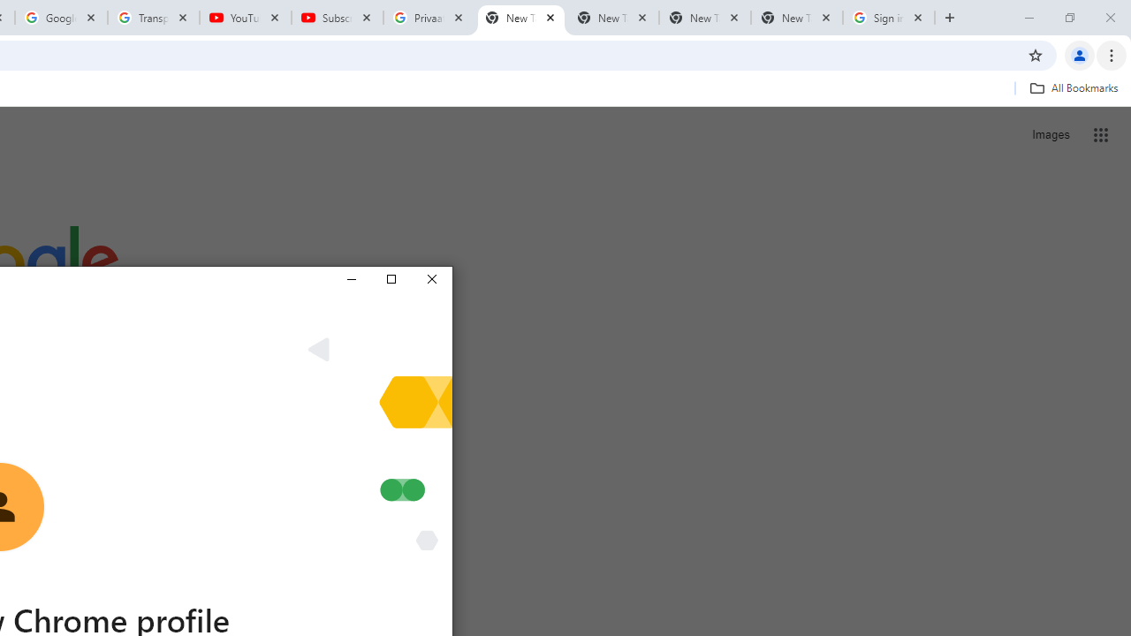  I want to click on 'New Tab', so click(795, 18).